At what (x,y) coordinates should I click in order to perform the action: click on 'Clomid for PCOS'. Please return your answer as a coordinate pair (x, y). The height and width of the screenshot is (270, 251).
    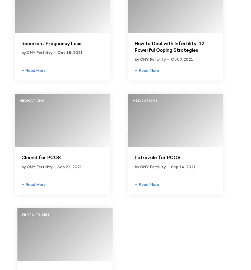
    Looking at the image, I should click on (41, 158).